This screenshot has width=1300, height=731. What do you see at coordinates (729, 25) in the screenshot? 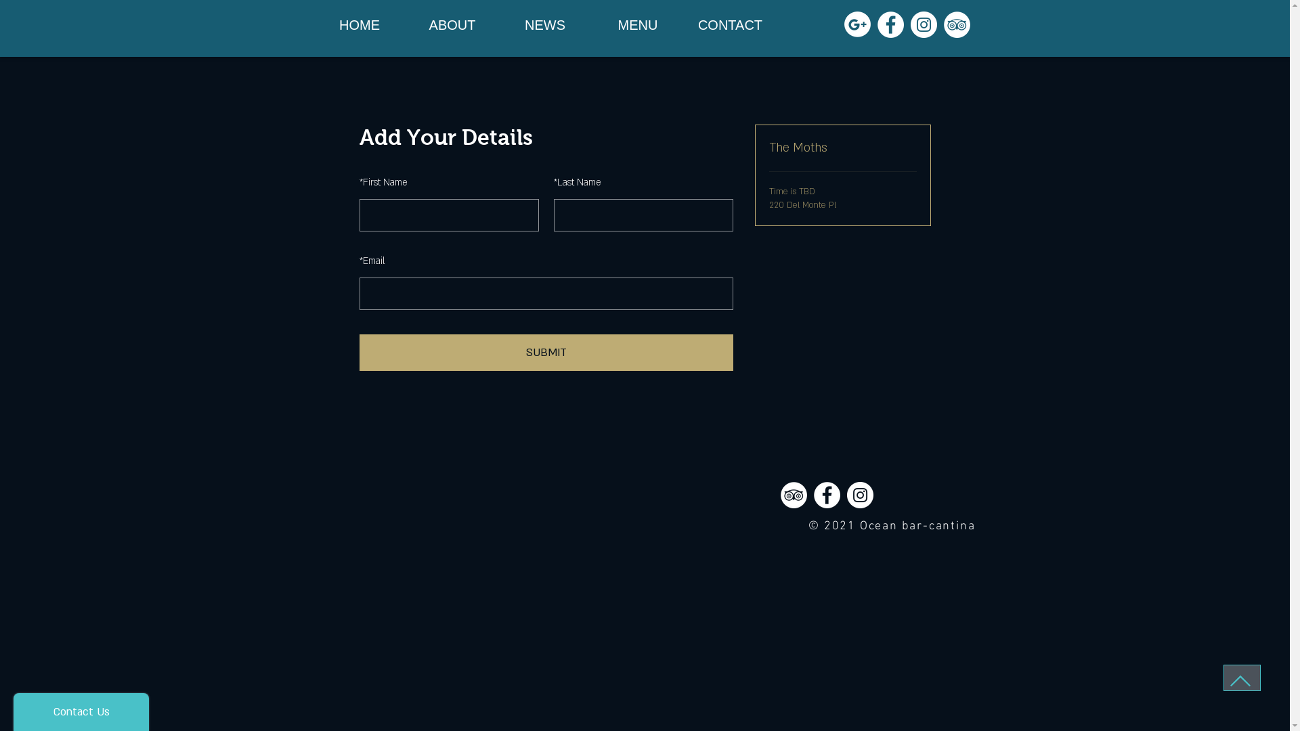
I see `'CONTACT'` at bounding box center [729, 25].